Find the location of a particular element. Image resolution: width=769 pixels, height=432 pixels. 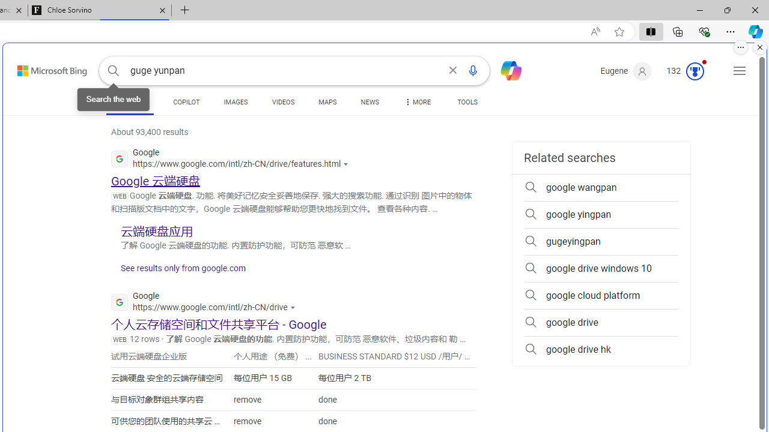

'Search using voice' is located at coordinates (472, 71).